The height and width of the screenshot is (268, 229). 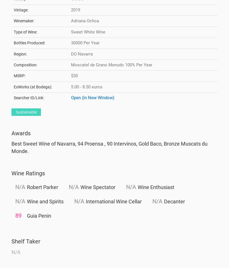 I want to click on '5.00 - 8.50 euros', so click(x=86, y=86).